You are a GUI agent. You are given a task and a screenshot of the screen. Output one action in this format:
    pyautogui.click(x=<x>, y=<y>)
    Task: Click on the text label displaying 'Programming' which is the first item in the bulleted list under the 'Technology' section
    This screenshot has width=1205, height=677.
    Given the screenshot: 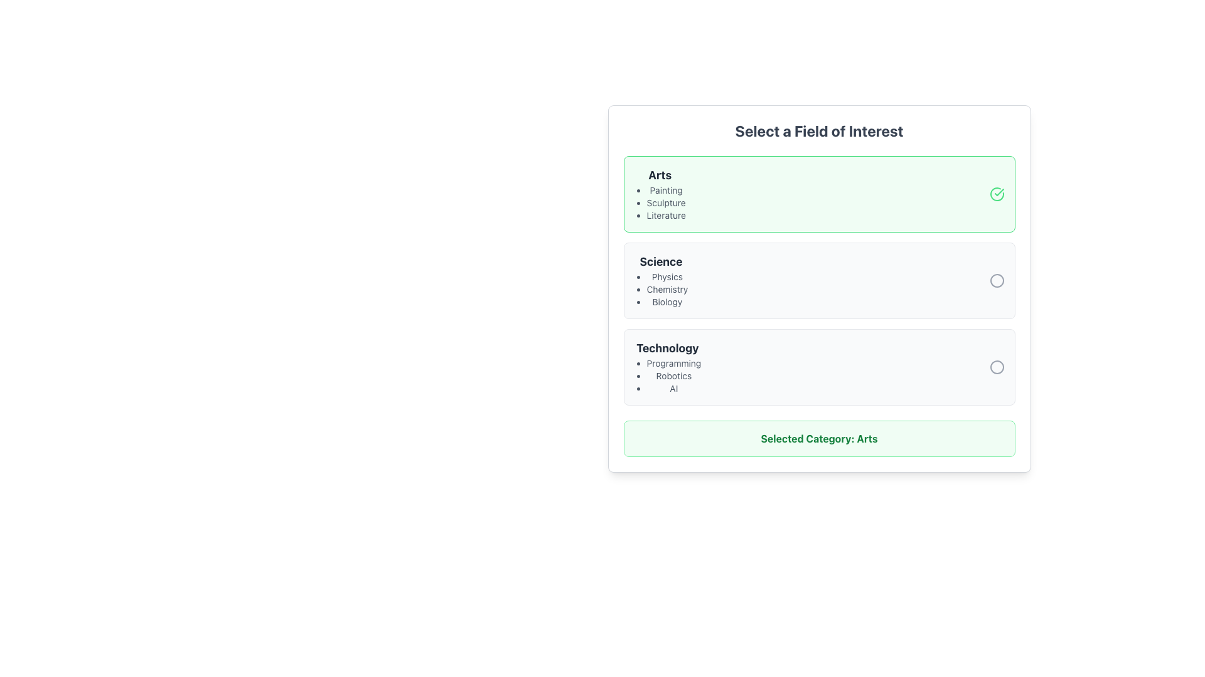 What is the action you would take?
    pyautogui.click(x=673, y=363)
    